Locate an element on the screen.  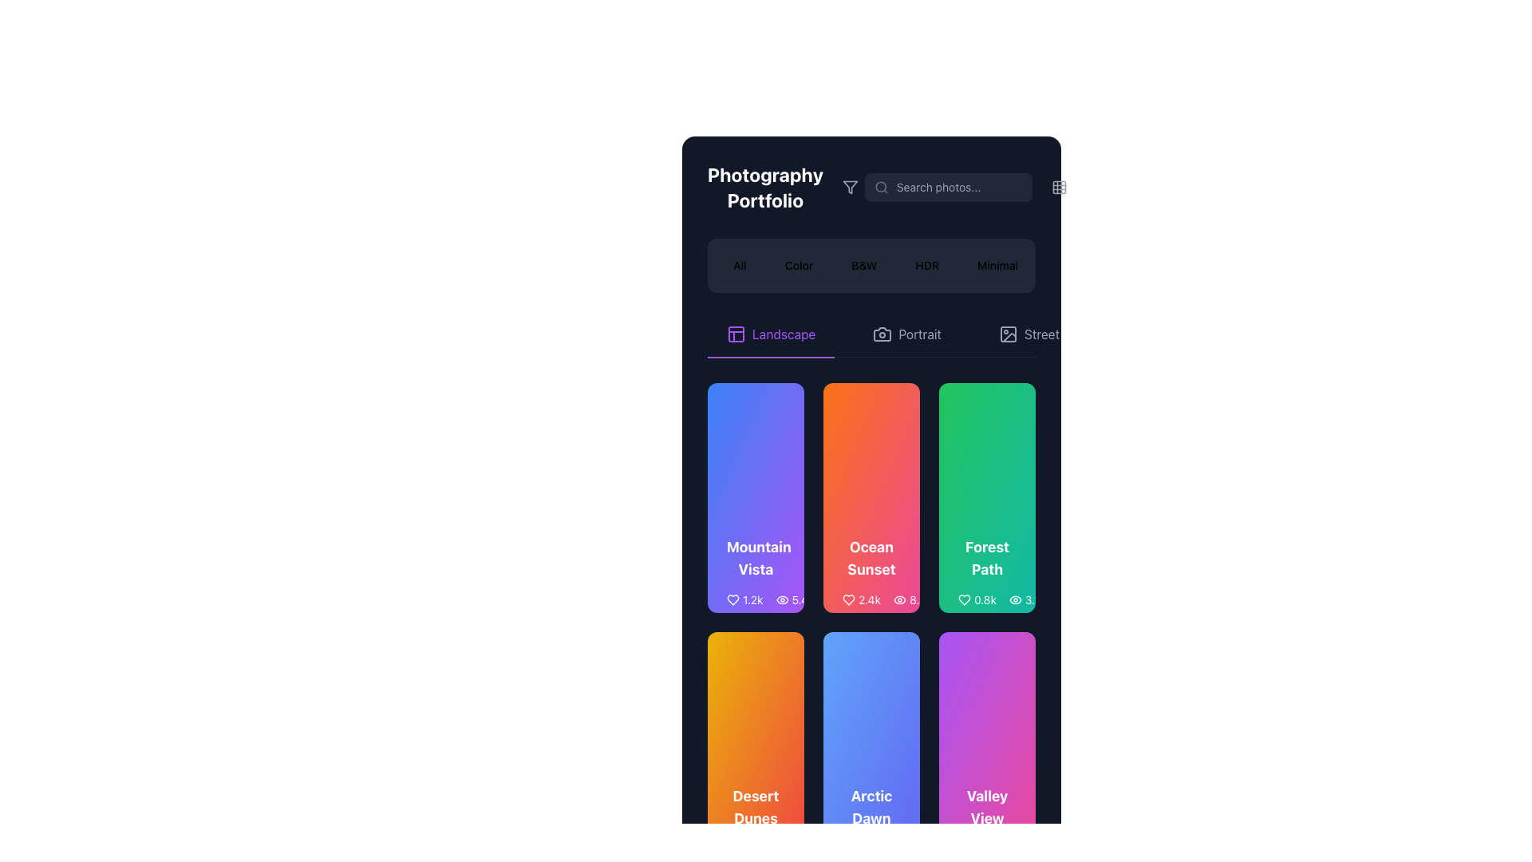
the 'Ocean Sunset' informational tile in the photography portfolio grid is located at coordinates (871, 575).